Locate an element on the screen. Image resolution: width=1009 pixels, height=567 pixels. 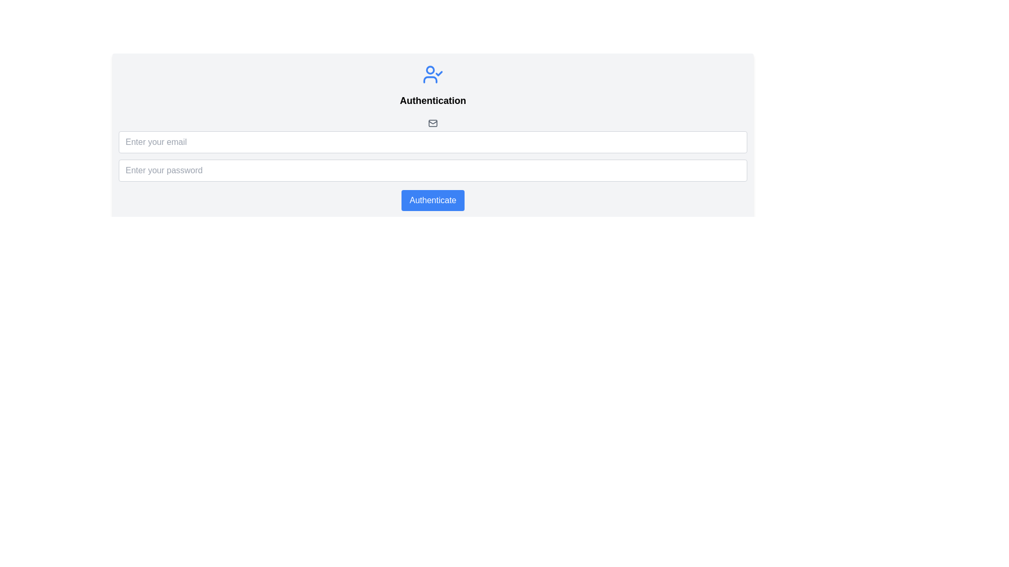
to focus the password input field located centrally below the 'Enter your email' field is located at coordinates (433, 170).